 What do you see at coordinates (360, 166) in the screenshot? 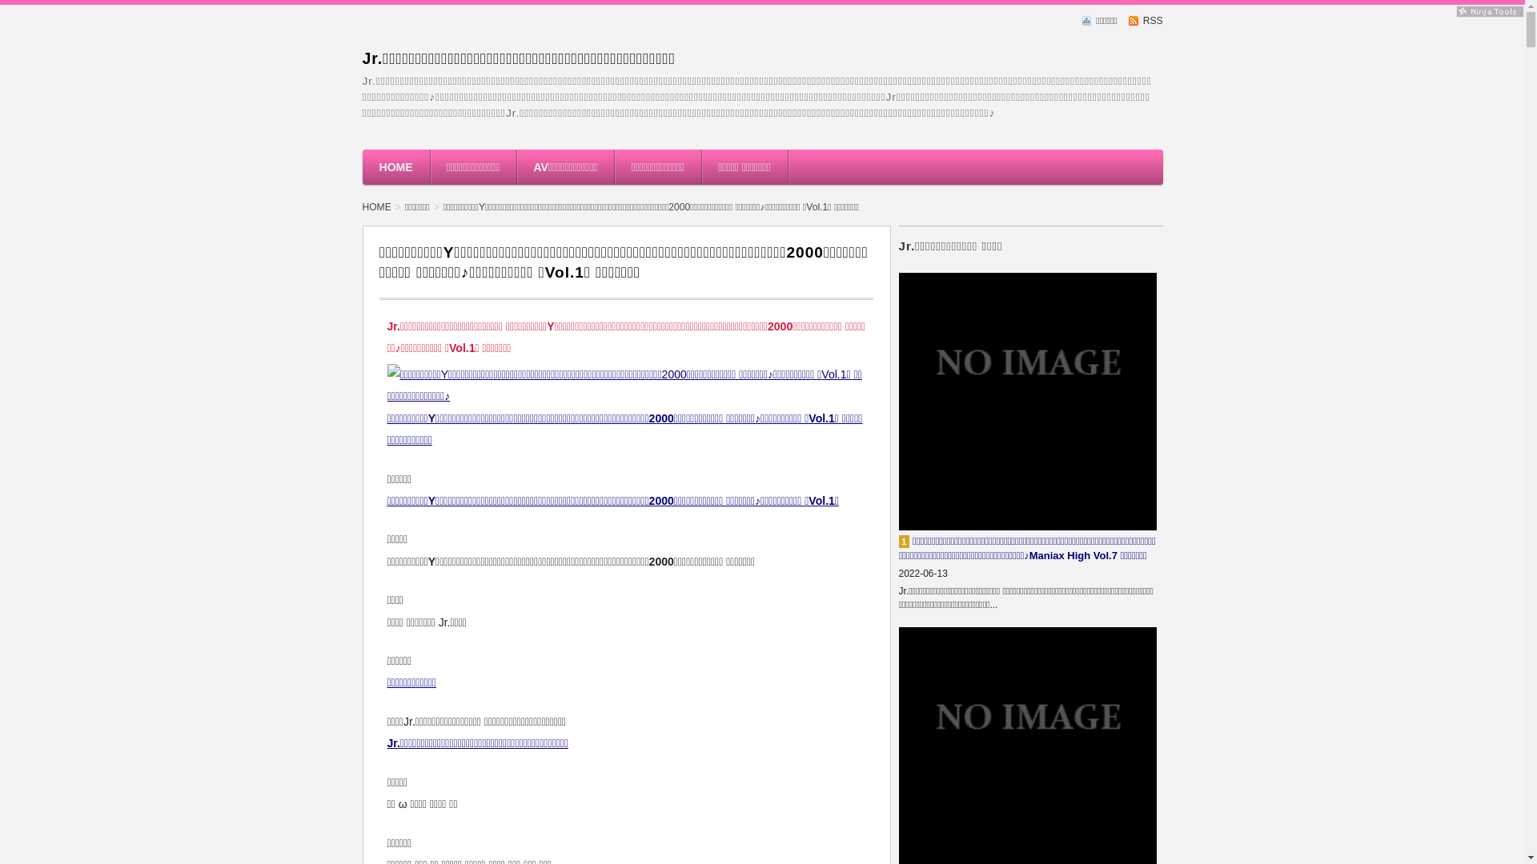
I see `'HOME'` at bounding box center [360, 166].